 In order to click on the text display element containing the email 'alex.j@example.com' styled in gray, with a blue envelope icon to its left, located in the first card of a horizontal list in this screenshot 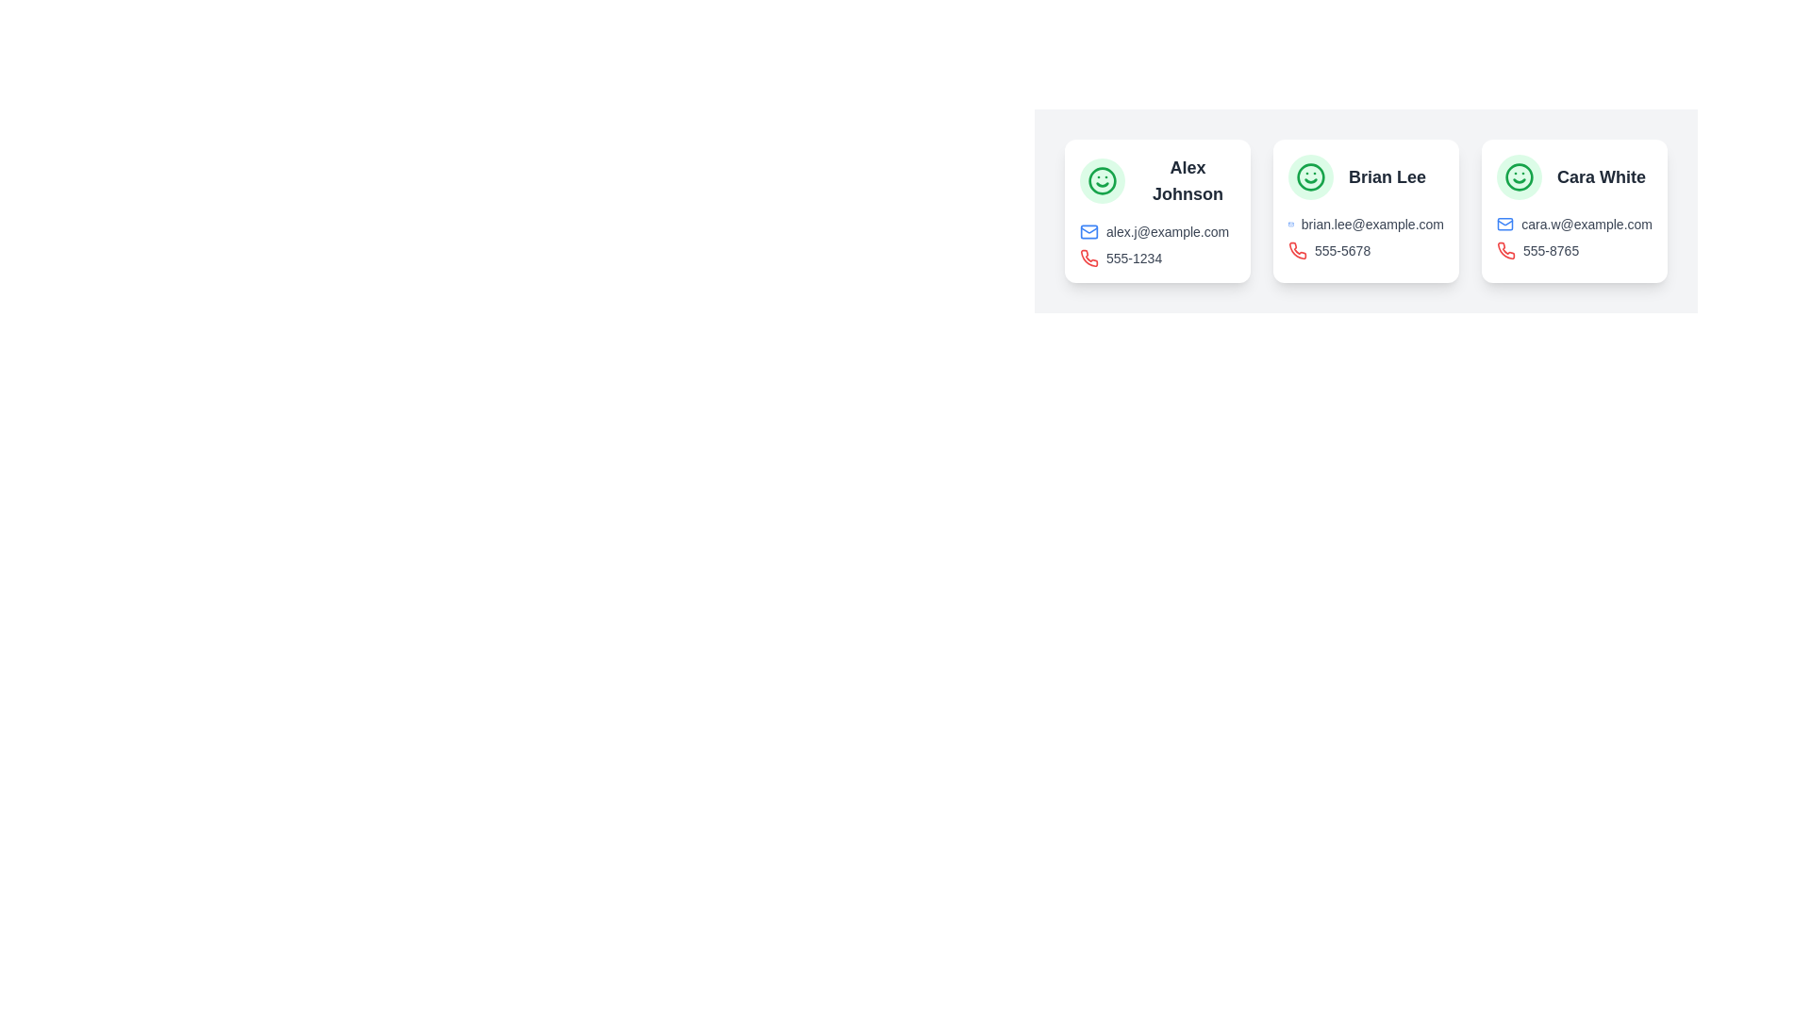, I will do `click(1156, 231)`.